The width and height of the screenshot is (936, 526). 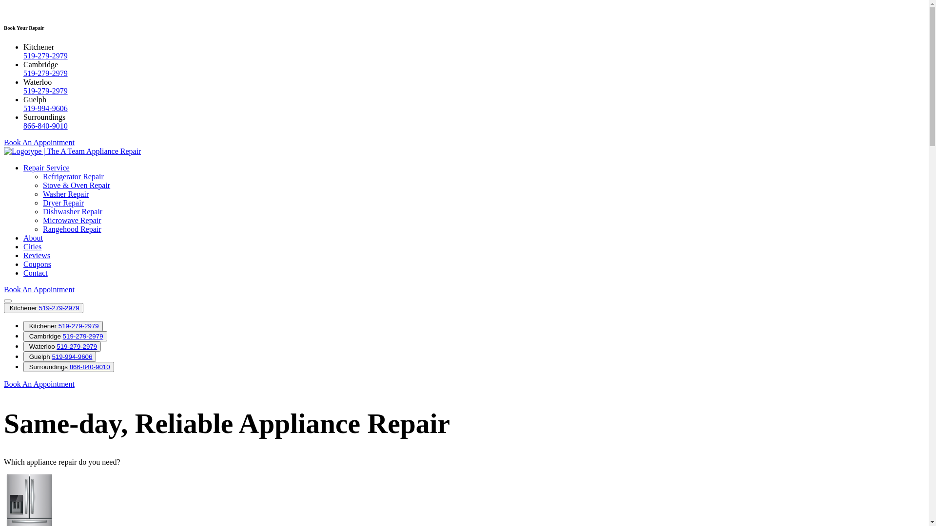 What do you see at coordinates (4, 151) in the screenshot?
I see `'Visit Home page'` at bounding box center [4, 151].